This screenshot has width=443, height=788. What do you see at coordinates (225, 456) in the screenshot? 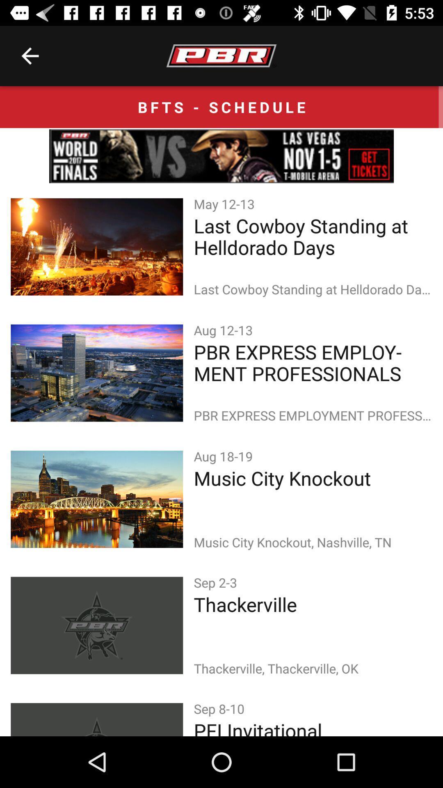
I see `the aug 18-19 item` at bounding box center [225, 456].